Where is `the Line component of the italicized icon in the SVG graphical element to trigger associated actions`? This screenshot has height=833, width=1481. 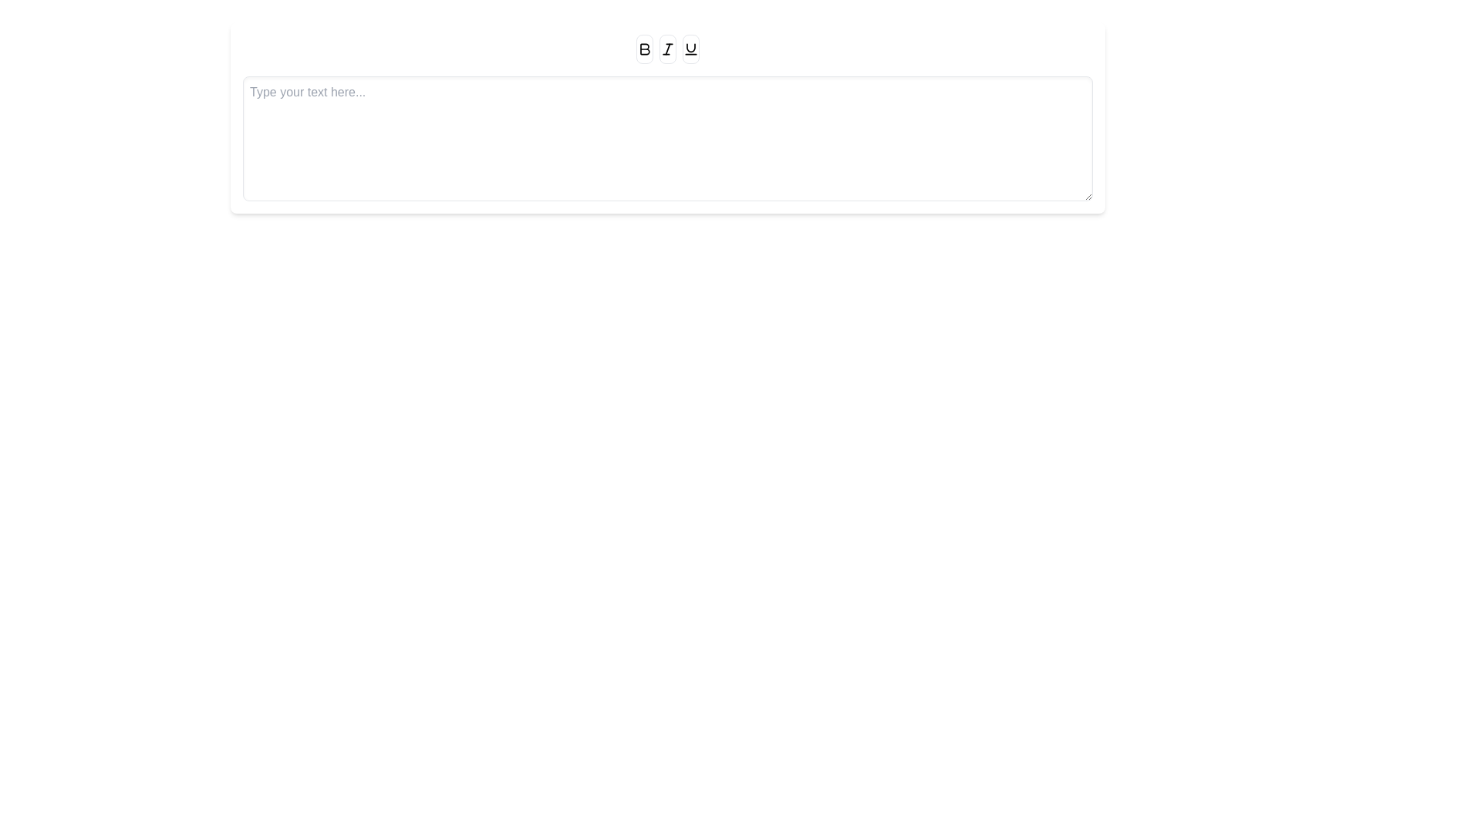 the Line component of the italicized icon in the SVG graphical element to trigger associated actions is located at coordinates (667, 47).